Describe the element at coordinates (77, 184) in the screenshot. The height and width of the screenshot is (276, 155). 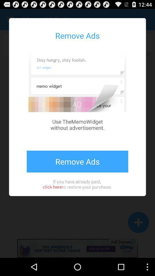
I see `the icon at the bottom` at that location.